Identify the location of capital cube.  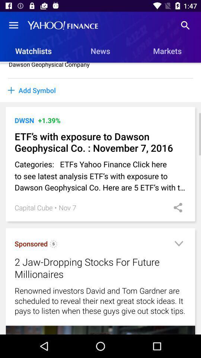
(33, 207).